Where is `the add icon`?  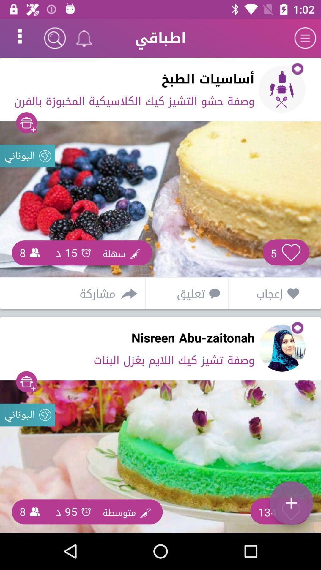 the add icon is located at coordinates (291, 503).